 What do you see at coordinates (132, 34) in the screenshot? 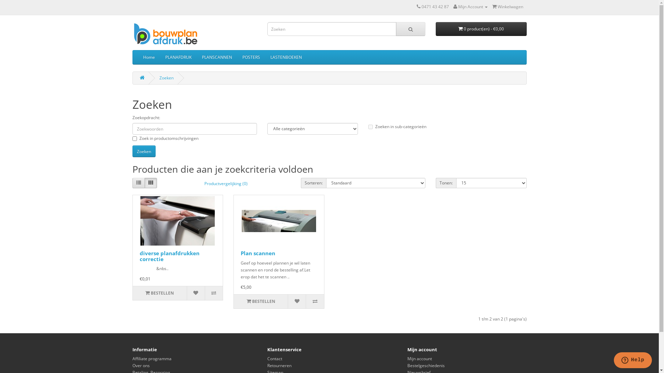
I see `'BouwplanAfdruk'` at bounding box center [132, 34].